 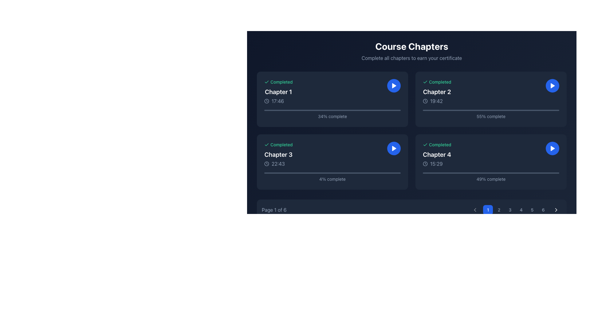 I want to click on the horizontal progress bar located below the '34% complete' text in the 'Chapter 1' card, which features an emerald green inner segment against a slate background, so click(x=332, y=110).